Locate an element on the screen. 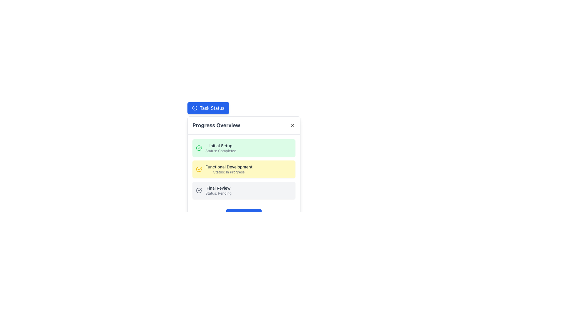 Image resolution: width=565 pixels, height=318 pixels. the green checkmark icon indicating the completion of the 'Initial Setup' task in the 'Progress Overview' modal is located at coordinates (199, 148).